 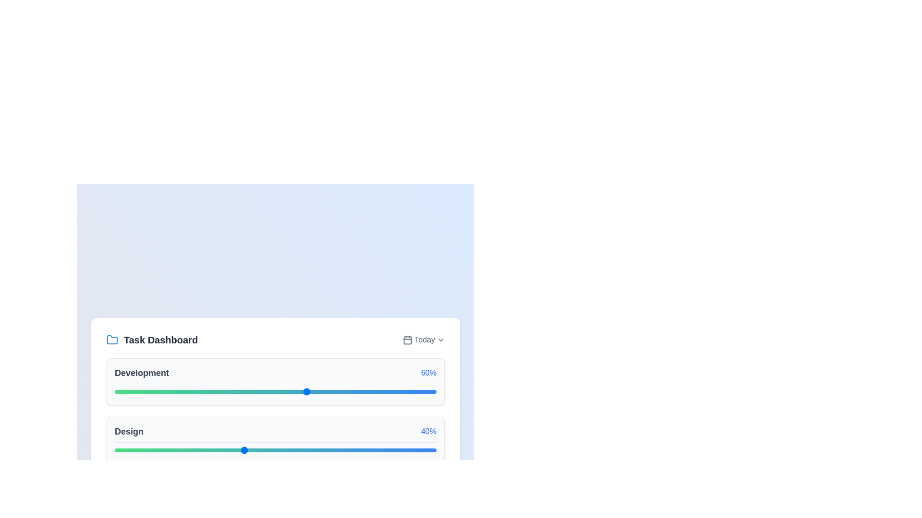 What do you see at coordinates (423, 340) in the screenshot?
I see `the date selection text element located in the top right corner of the 'Task Dashboard' section` at bounding box center [423, 340].